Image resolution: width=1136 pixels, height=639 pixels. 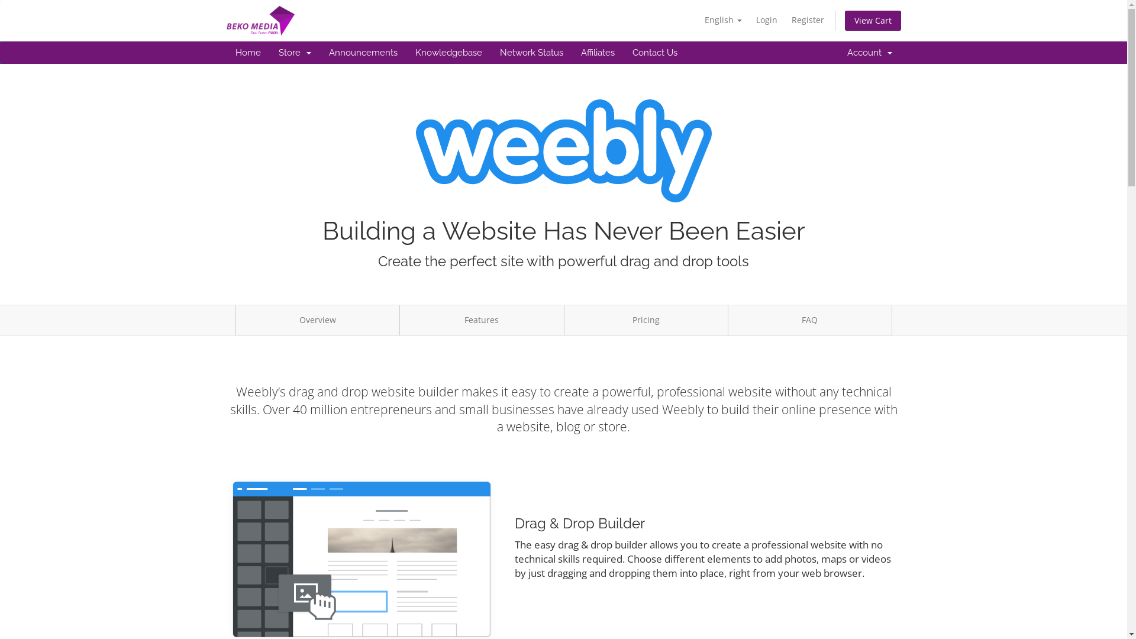 I want to click on 'Network Status', so click(x=531, y=51).